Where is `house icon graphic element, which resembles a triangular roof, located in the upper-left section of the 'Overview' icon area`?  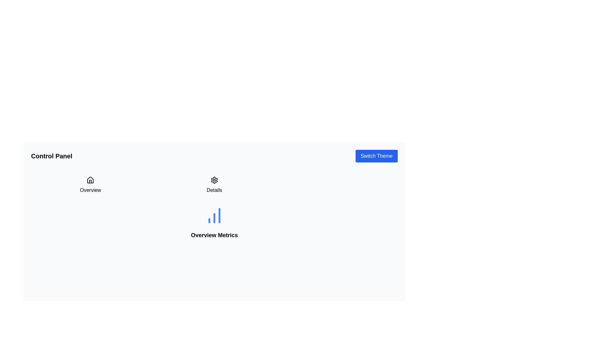
house icon graphic element, which resembles a triangular roof, located in the upper-left section of the 'Overview' icon area is located at coordinates (90, 180).